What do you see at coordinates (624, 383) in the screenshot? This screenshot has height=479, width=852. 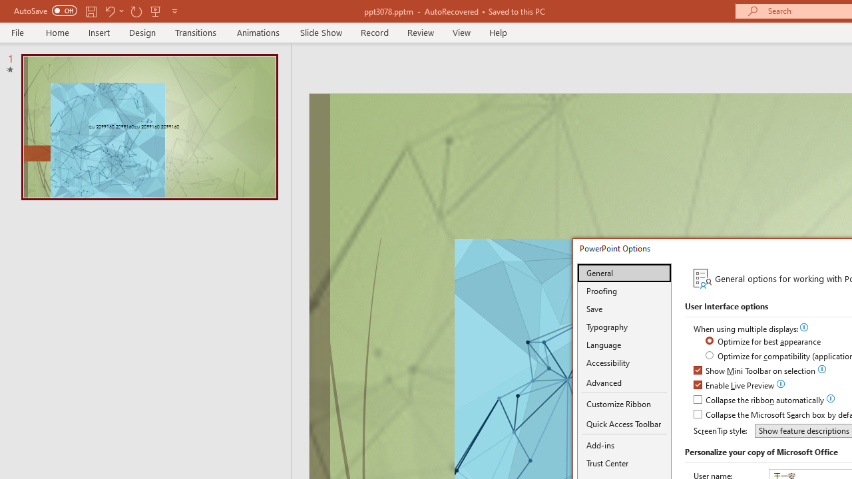 I see `'Advanced'` at bounding box center [624, 383].